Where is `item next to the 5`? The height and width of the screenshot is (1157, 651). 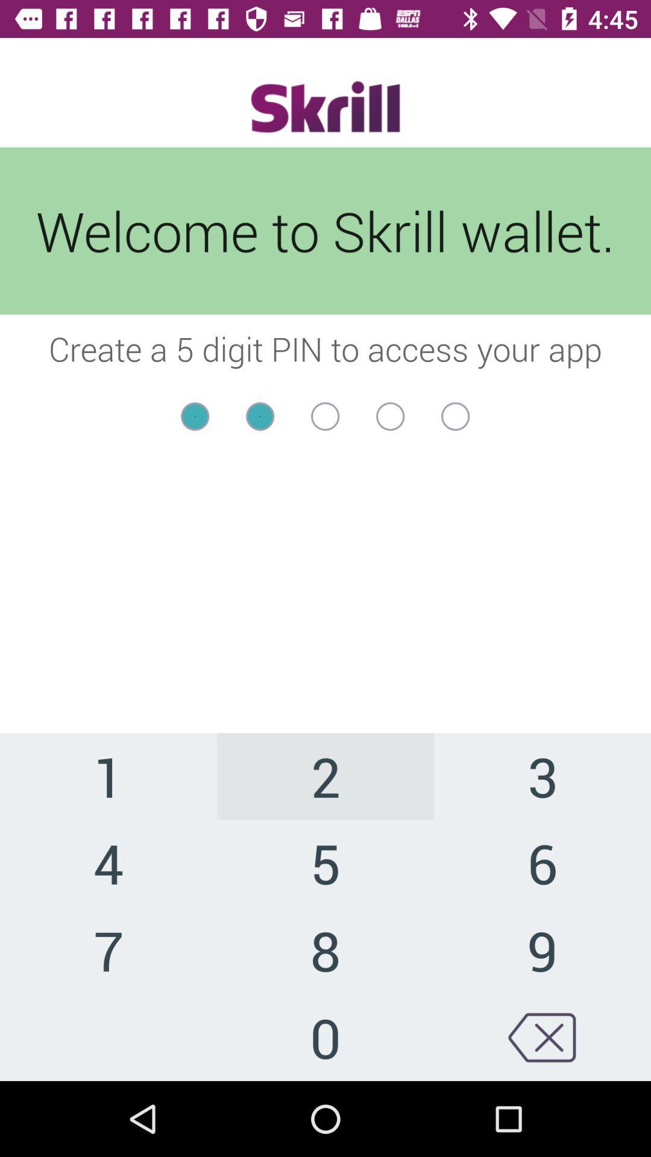
item next to the 5 is located at coordinates (108, 949).